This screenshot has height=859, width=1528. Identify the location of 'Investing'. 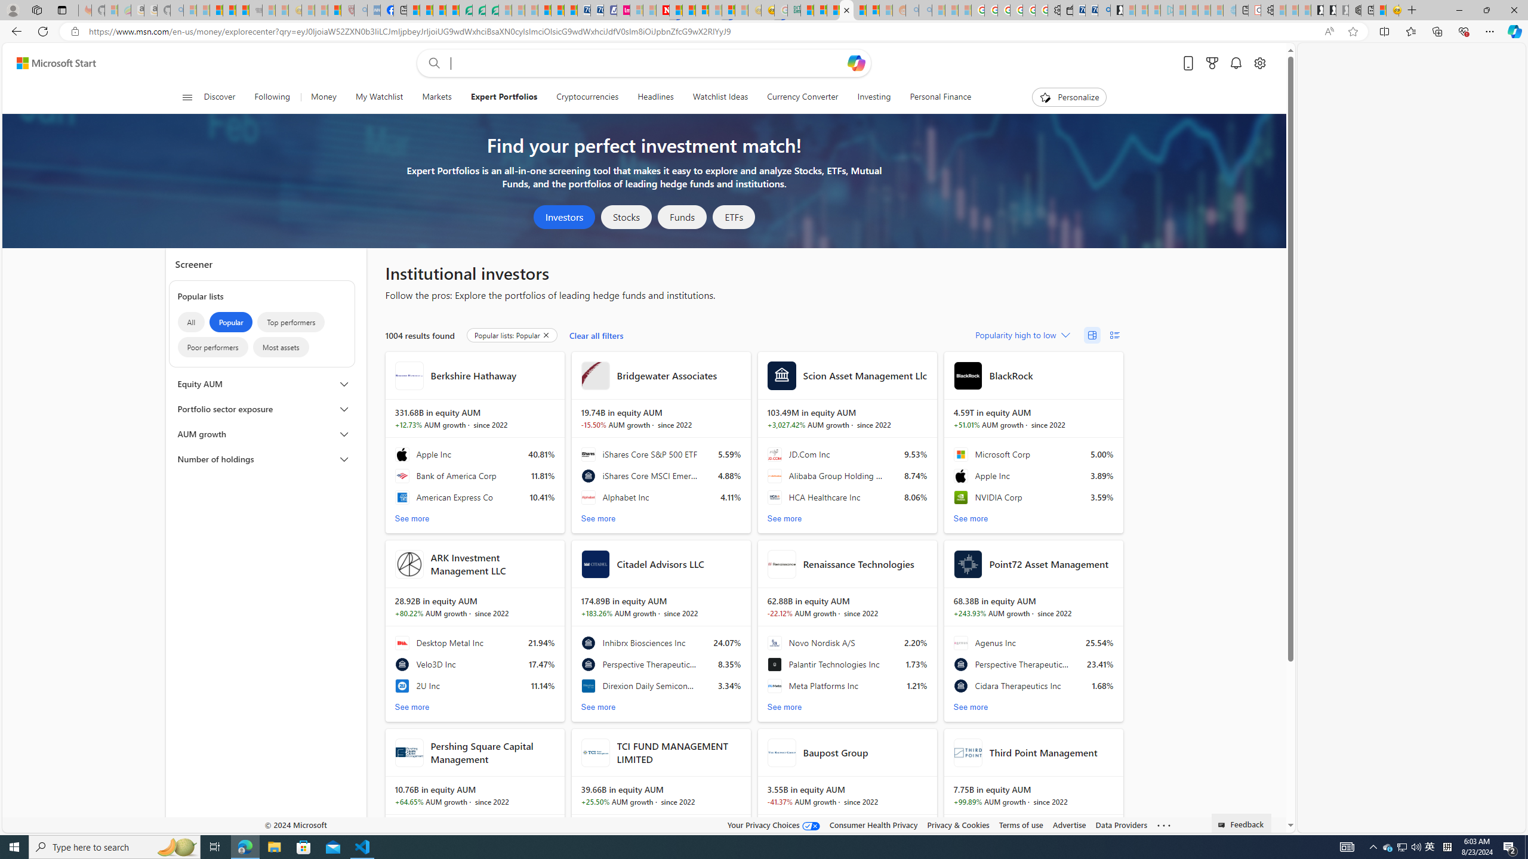
(873, 97).